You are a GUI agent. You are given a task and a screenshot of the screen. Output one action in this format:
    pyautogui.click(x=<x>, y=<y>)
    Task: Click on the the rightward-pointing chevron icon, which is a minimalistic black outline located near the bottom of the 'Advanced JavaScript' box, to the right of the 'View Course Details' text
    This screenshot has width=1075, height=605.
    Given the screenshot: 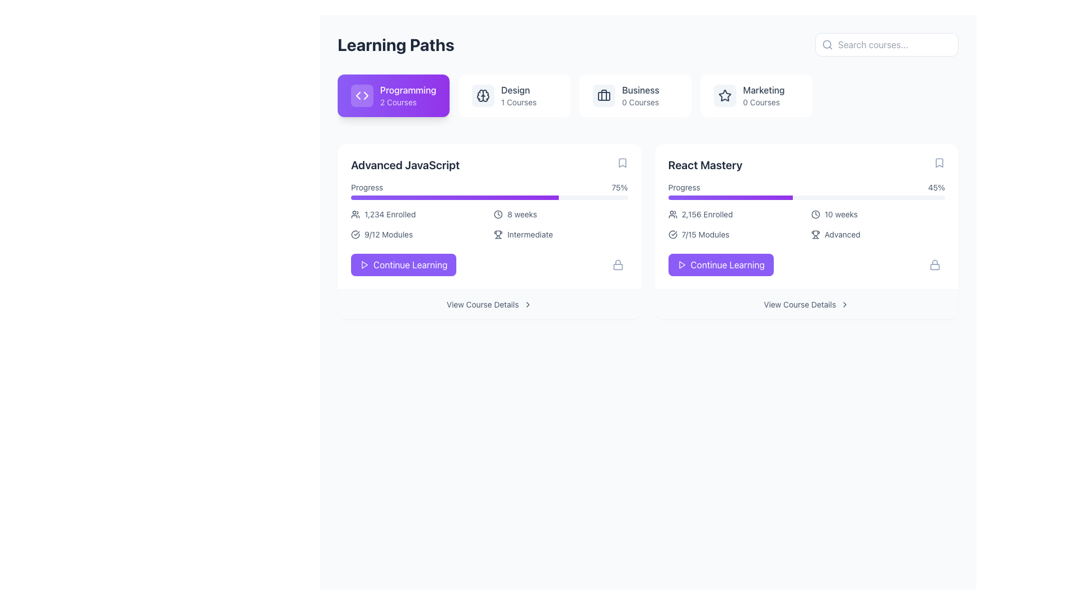 What is the action you would take?
    pyautogui.click(x=527, y=304)
    